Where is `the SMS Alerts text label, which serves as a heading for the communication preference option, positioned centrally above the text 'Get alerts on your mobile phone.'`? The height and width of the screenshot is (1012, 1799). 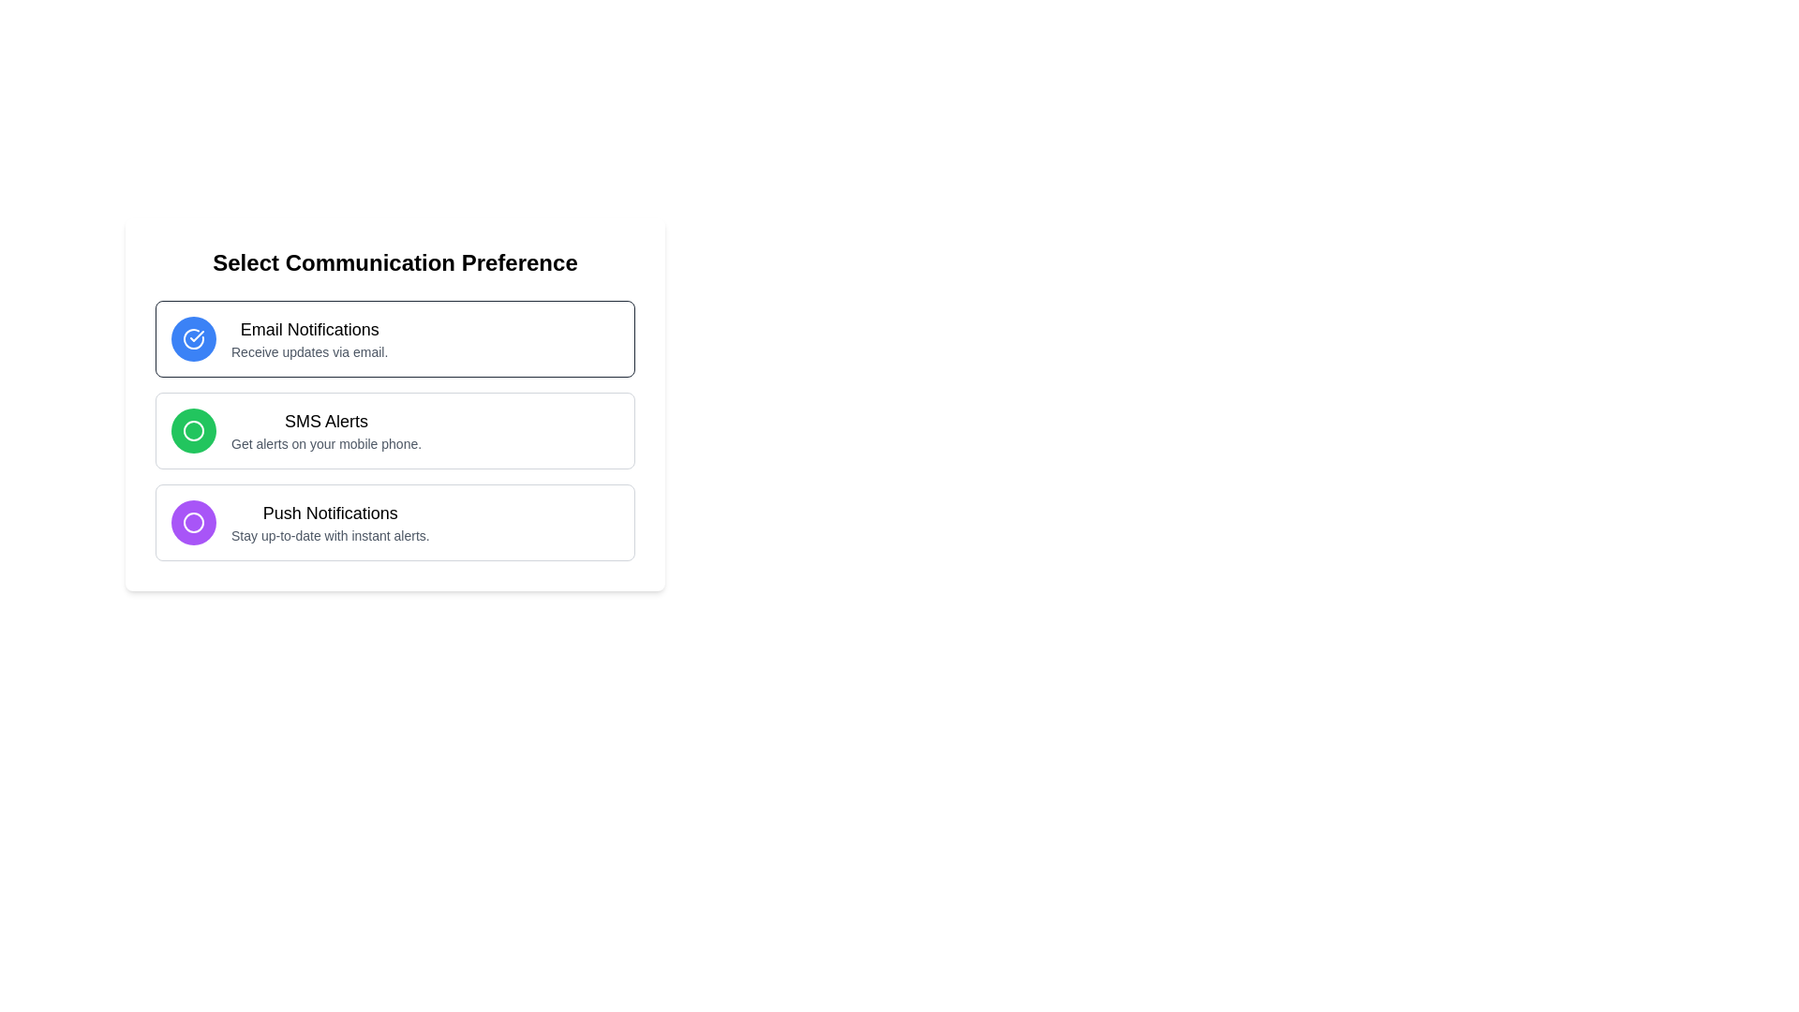 the SMS Alerts text label, which serves as a heading for the communication preference option, positioned centrally above the text 'Get alerts on your mobile phone.' is located at coordinates (326, 422).